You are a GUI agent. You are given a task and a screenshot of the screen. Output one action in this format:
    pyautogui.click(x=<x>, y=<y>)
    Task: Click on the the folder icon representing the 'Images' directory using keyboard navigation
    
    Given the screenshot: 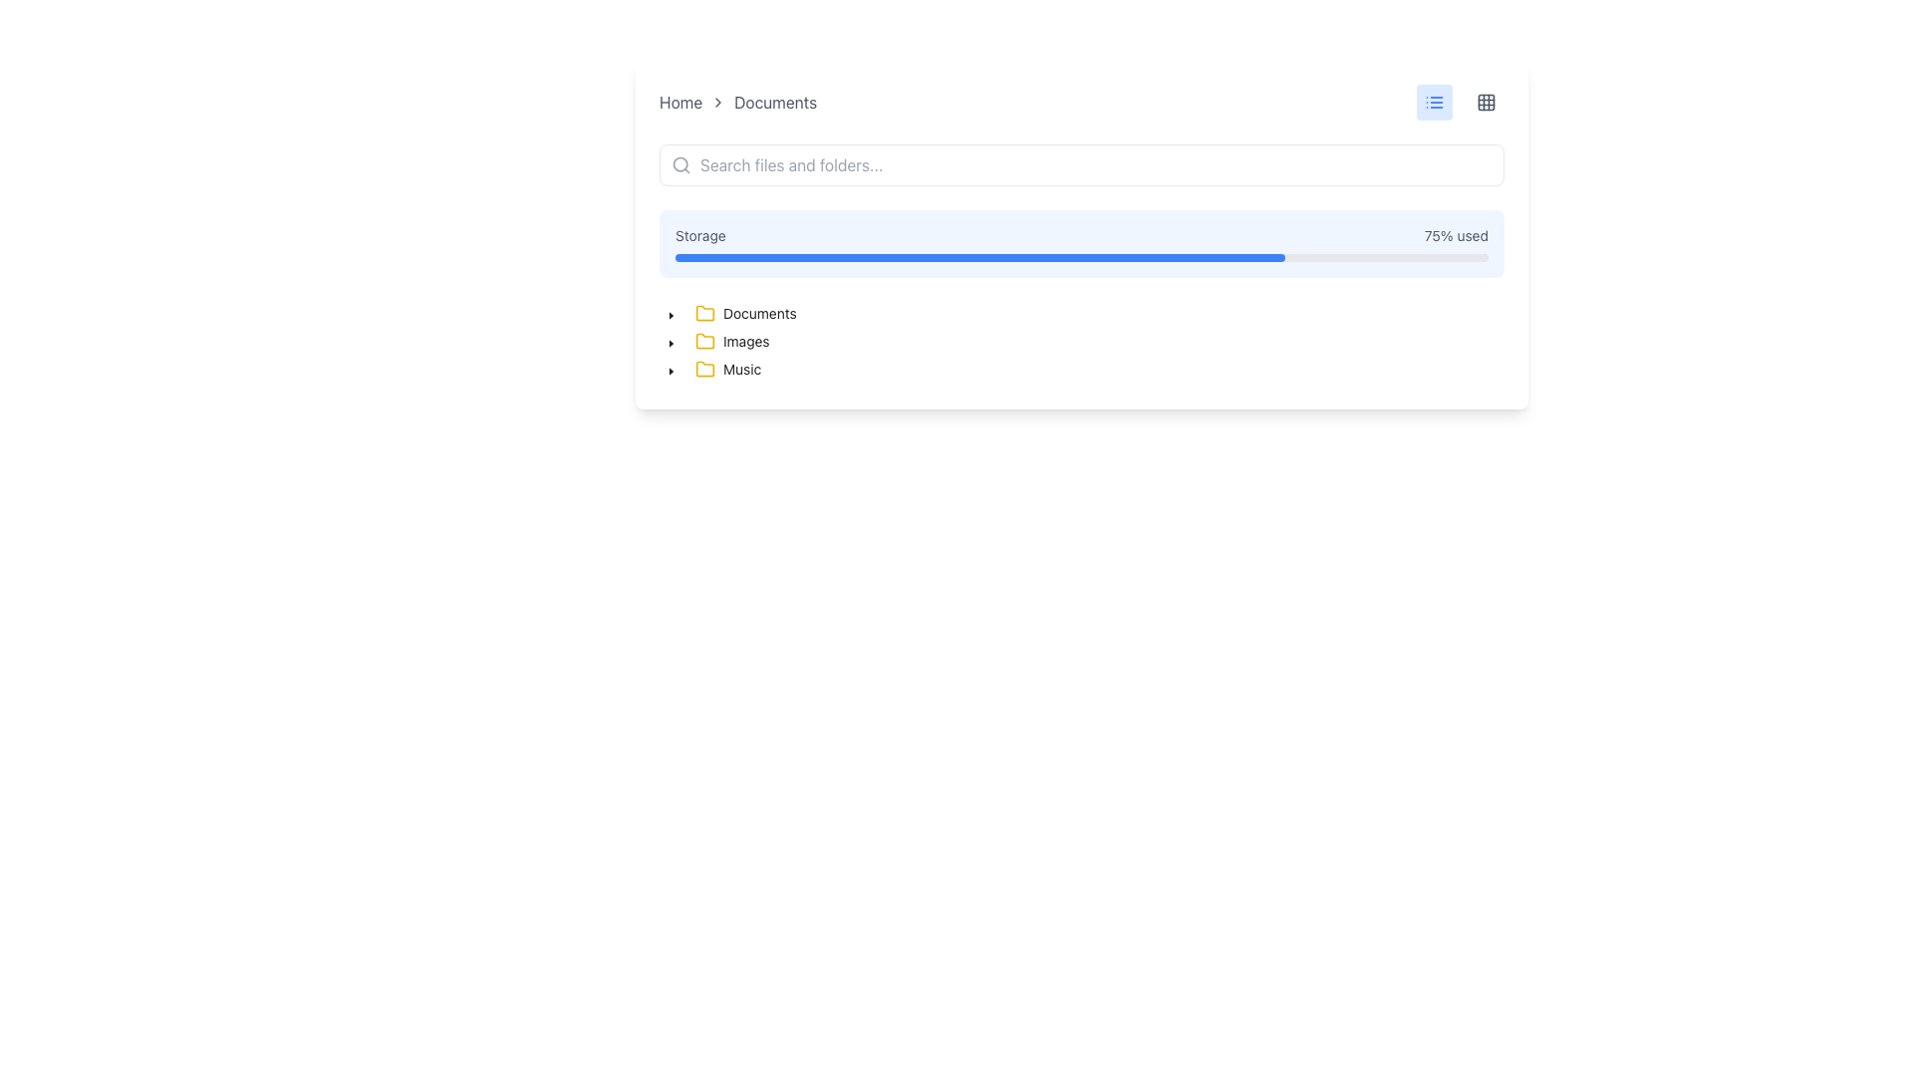 What is the action you would take?
    pyautogui.click(x=705, y=341)
    